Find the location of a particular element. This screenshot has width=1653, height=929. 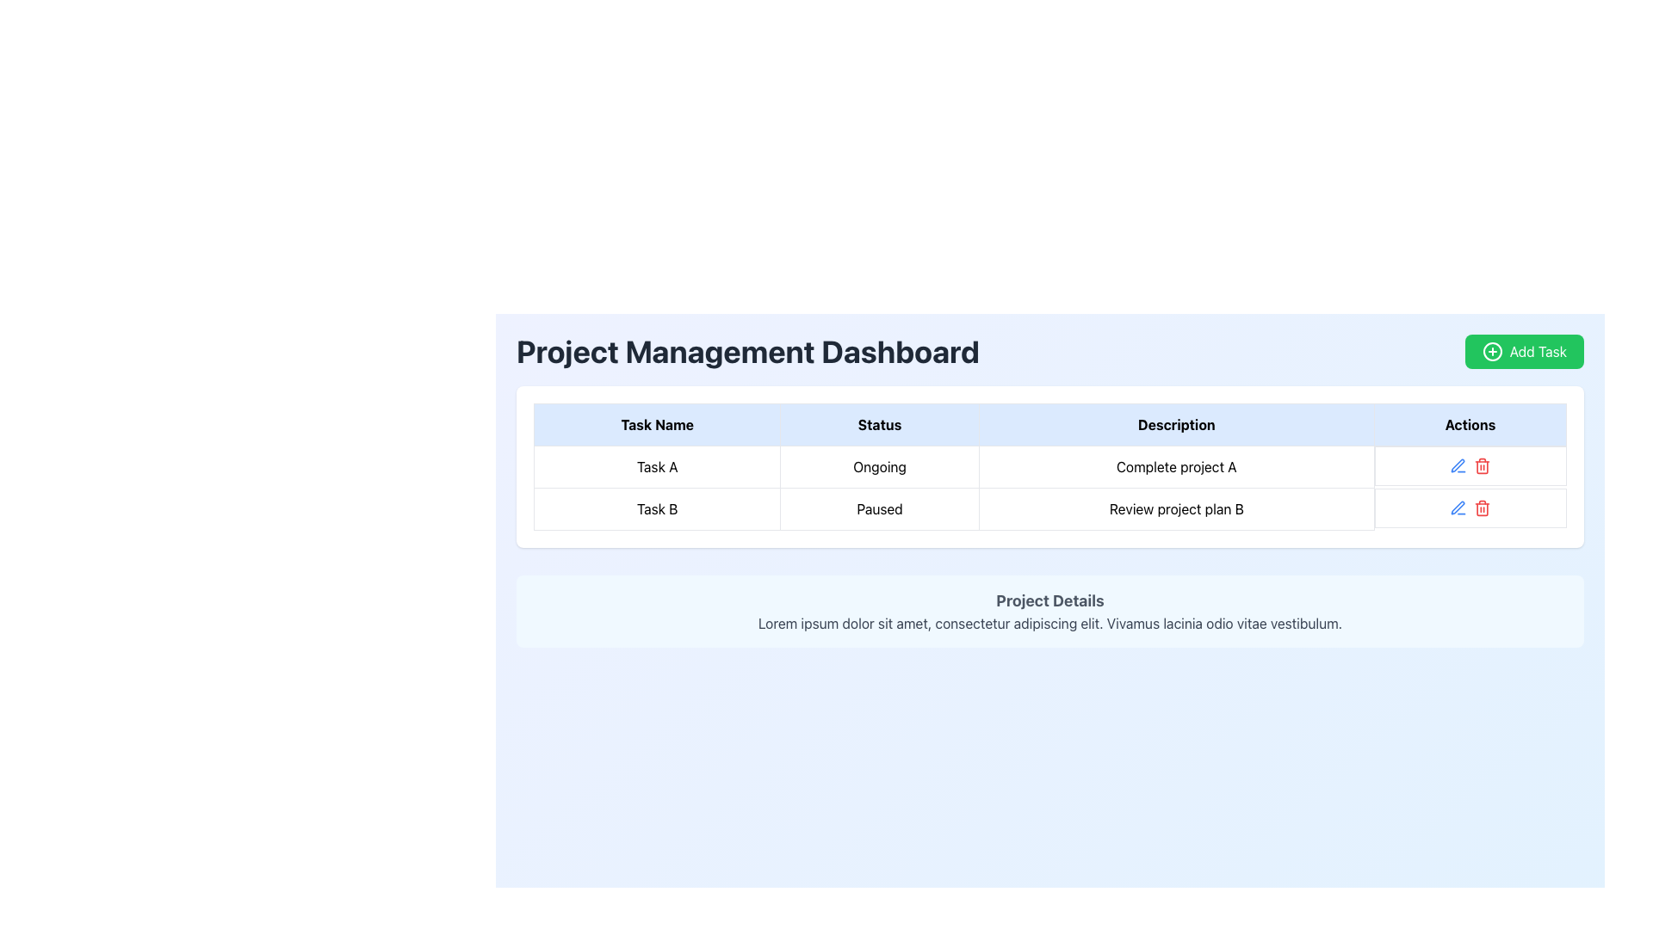

the pencil icon button located in the 'Actions' column of the table for 'Task A' is located at coordinates (1457, 507).